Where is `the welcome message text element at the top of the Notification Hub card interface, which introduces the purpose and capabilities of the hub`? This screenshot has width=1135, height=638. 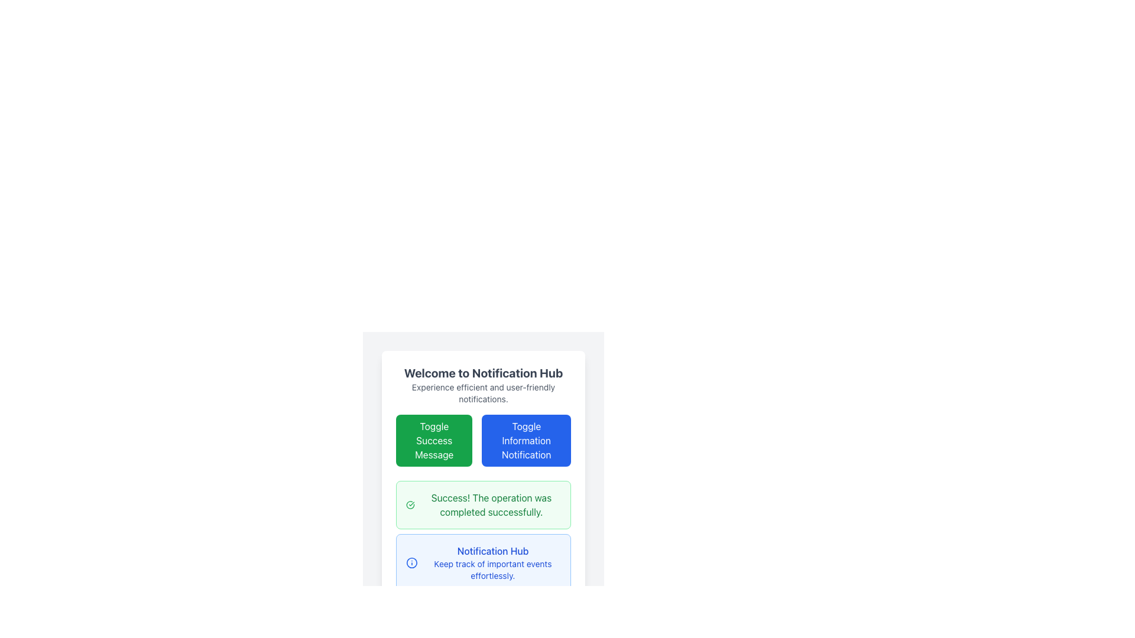
the welcome message text element at the top of the Notification Hub card interface, which introduces the purpose and capabilities of the hub is located at coordinates (483, 385).